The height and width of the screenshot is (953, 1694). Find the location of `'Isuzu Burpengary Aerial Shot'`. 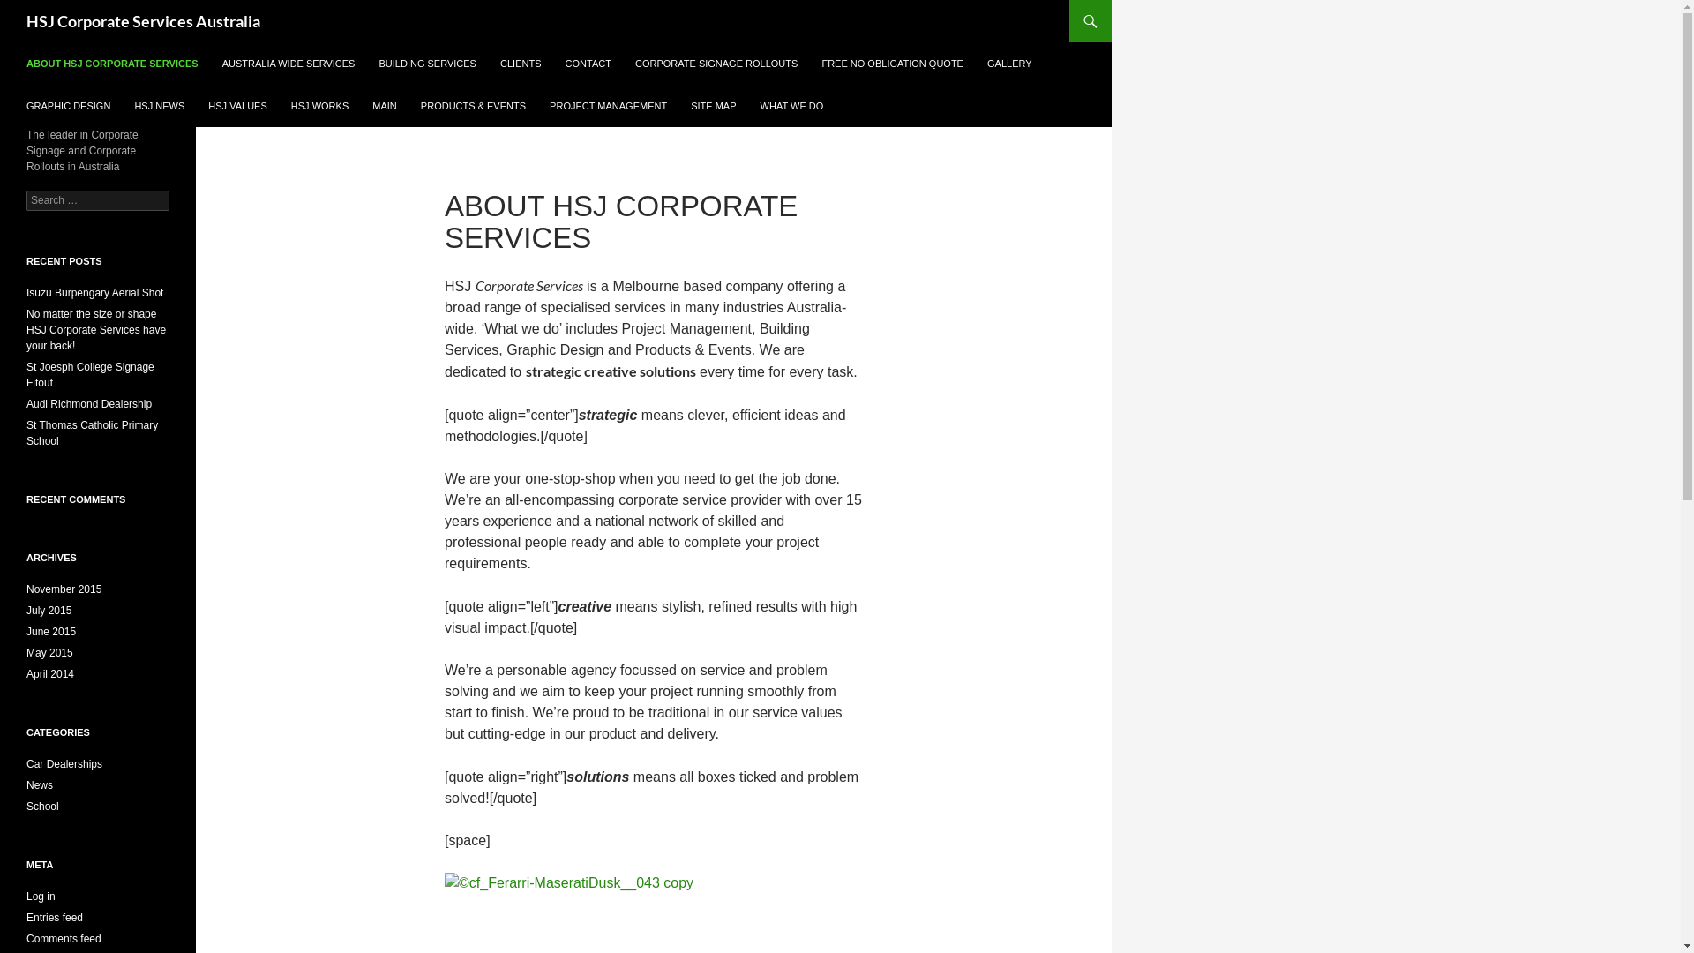

'Isuzu Burpengary Aerial Shot' is located at coordinates (94, 291).